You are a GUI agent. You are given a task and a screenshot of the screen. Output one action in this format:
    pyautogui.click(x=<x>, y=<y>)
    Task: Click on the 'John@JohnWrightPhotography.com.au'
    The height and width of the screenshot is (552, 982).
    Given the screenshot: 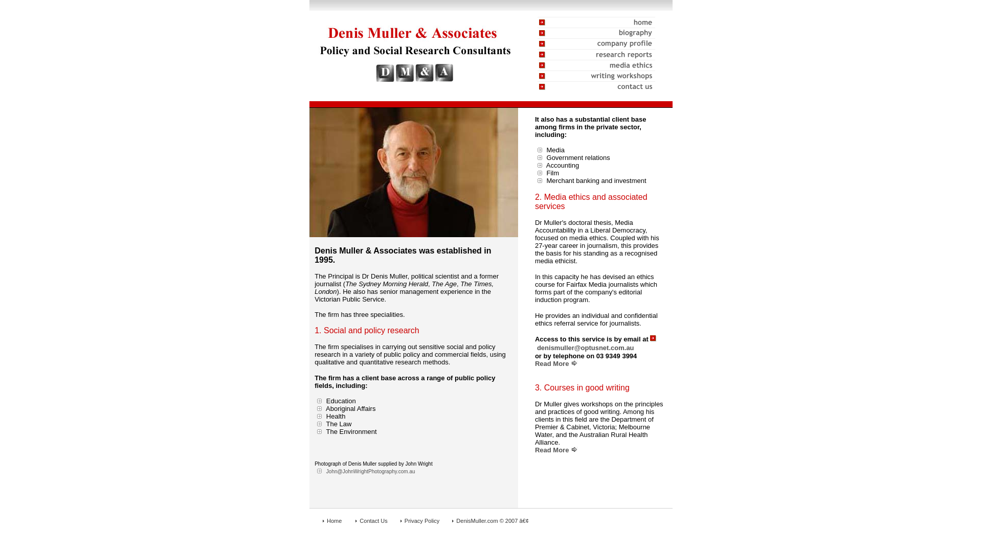 What is the action you would take?
    pyautogui.click(x=370, y=471)
    